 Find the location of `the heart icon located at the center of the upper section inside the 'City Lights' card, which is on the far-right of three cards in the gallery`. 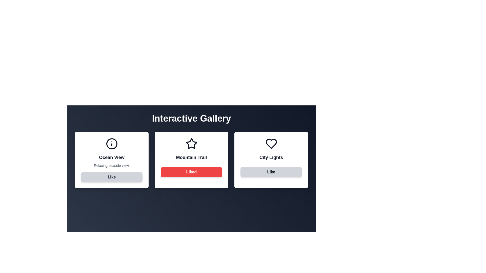

the heart icon located at the center of the upper section inside the 'City Lights' card, which is on the far-right of three cards in the gallery is located at coordinates (271, 144).